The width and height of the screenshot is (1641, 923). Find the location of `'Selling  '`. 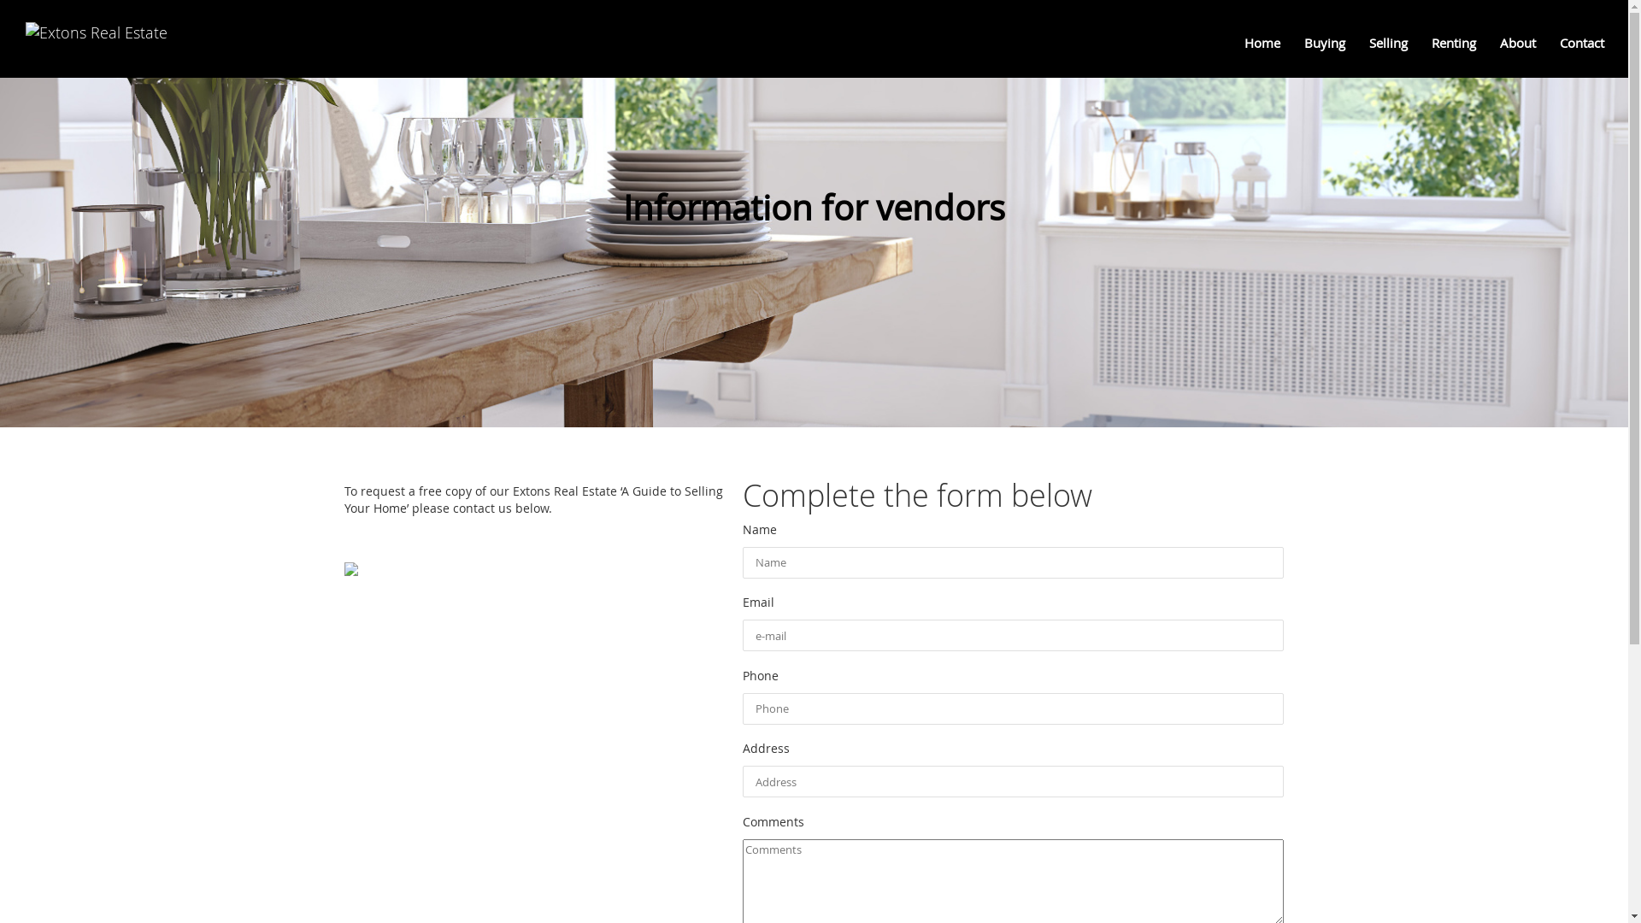

'Selling  ' is located at coordinates (1391, 46).